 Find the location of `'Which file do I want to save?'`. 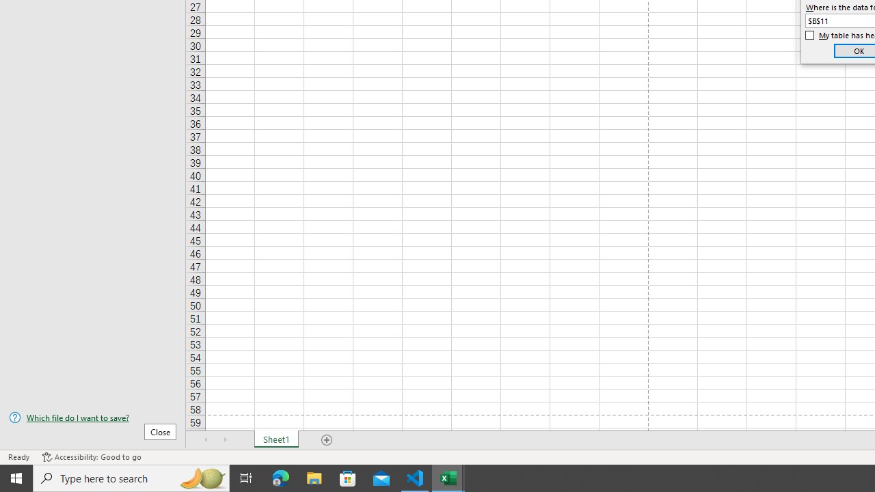

'Which file do I want to save?' is located at coordinates (92, 417).